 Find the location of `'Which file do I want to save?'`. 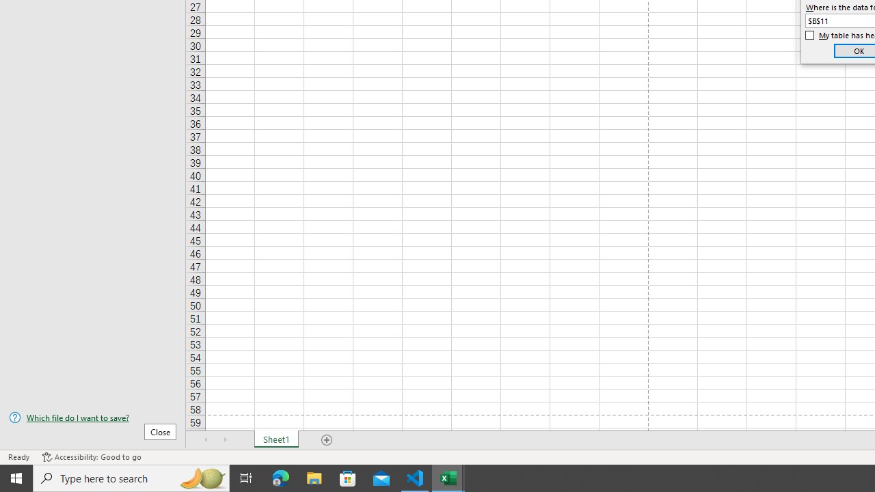

'Which file do I want to save?' is located at coordinates (92, 417).